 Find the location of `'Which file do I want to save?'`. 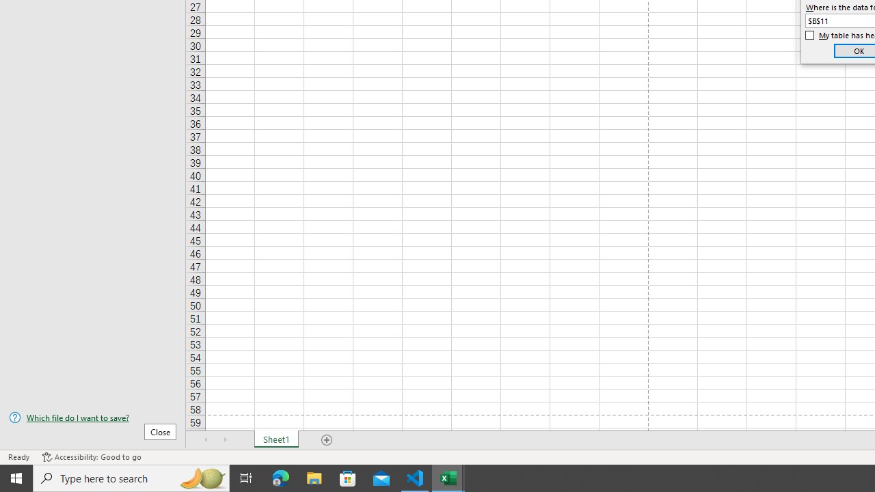

'Which file do I want to save?' is located at coordinates (92, 417).